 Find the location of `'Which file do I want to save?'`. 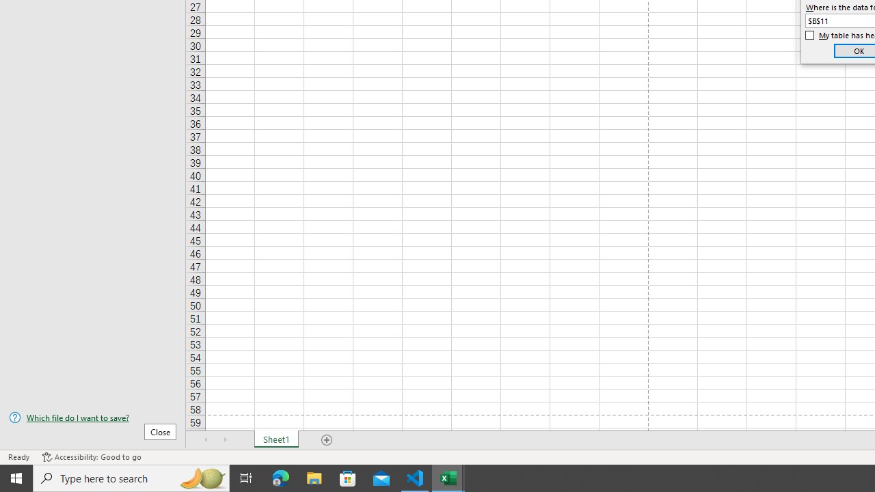

'Which file do I want to save?' is located at coordinates (92, 417).